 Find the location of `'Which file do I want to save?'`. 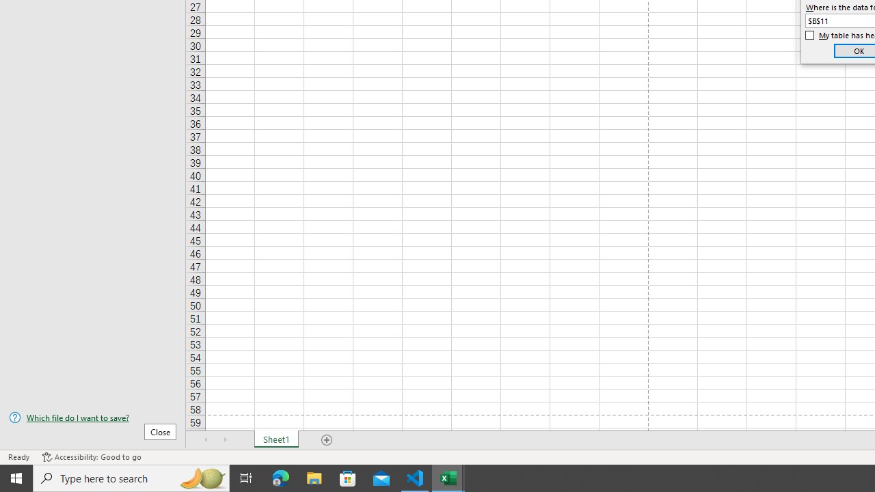

'Which file do I want to save?' is located at coordinates (92, 417).